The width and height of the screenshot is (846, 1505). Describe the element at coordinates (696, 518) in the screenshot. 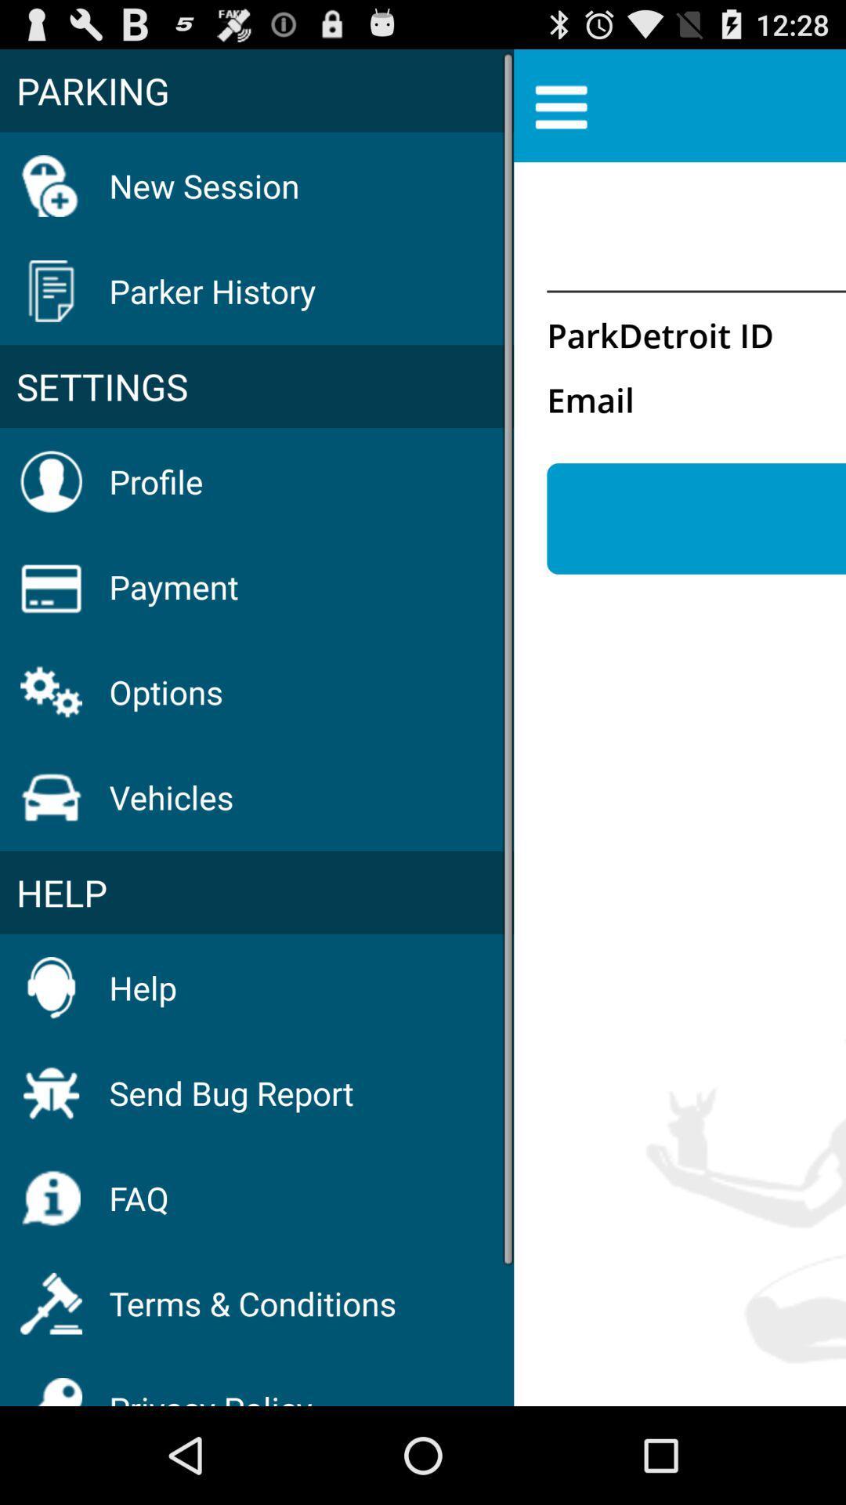

I see `the button on the right` at that location.